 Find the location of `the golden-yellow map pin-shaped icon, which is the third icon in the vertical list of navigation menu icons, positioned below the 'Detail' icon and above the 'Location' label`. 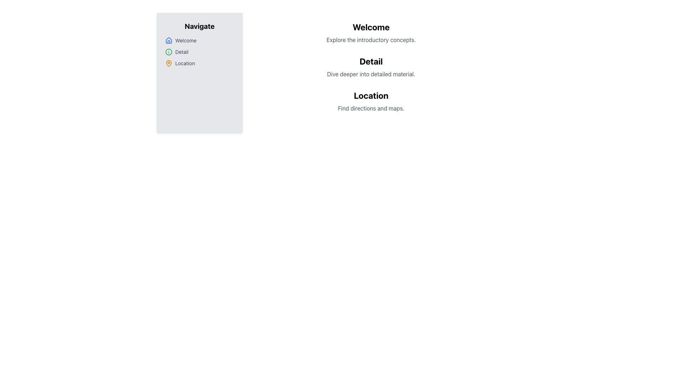

the golden-yellow map pin-shaped icon, which is the third icon in the vertical list of navigation menu icons, positioned below the 'Detail' icon and above the 'Location' label is located at coordinates (169, 63).